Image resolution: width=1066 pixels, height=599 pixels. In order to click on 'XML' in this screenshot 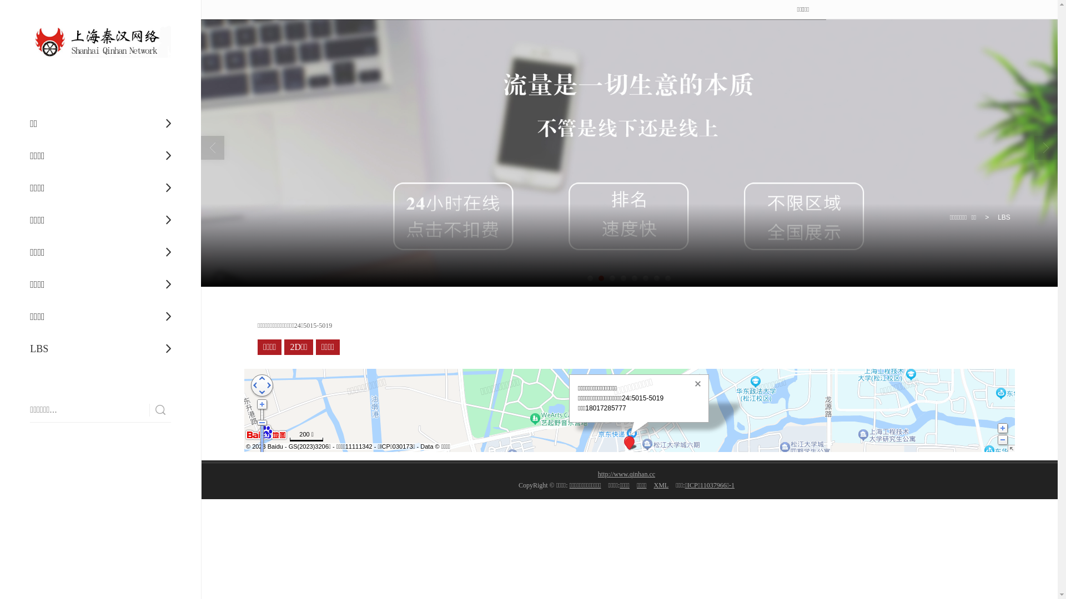, I will do `click(661, 485)`.